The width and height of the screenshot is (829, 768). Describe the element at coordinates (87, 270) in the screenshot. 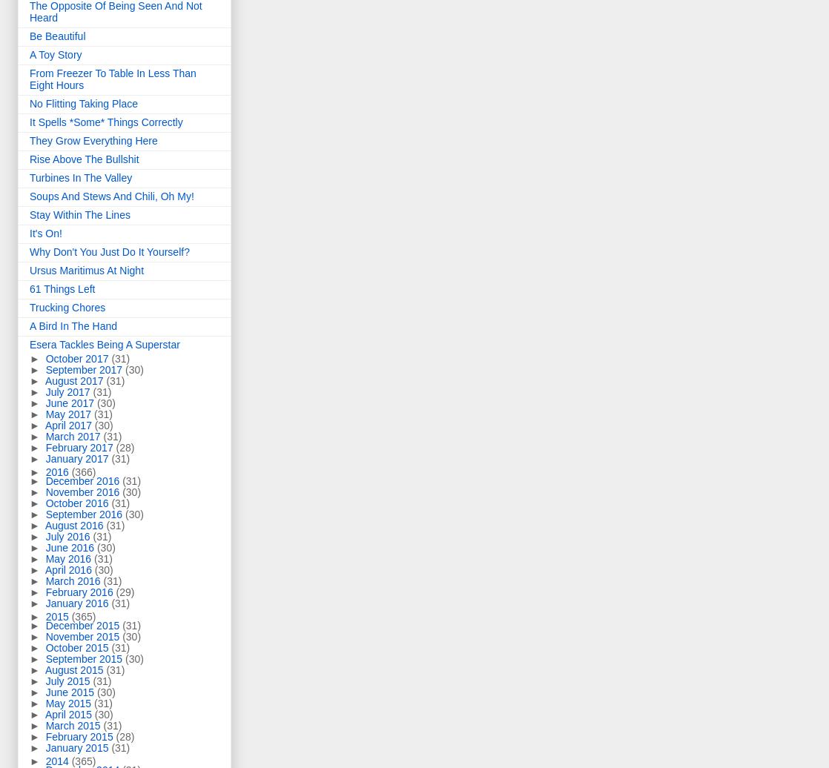

I see `'Ursus Maritimus At Night'` at that location.